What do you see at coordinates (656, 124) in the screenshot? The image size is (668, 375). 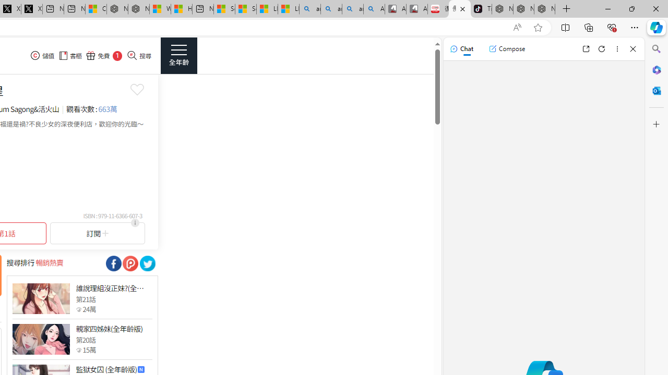 I see `'Customize'` at bounding box center [656, 124].